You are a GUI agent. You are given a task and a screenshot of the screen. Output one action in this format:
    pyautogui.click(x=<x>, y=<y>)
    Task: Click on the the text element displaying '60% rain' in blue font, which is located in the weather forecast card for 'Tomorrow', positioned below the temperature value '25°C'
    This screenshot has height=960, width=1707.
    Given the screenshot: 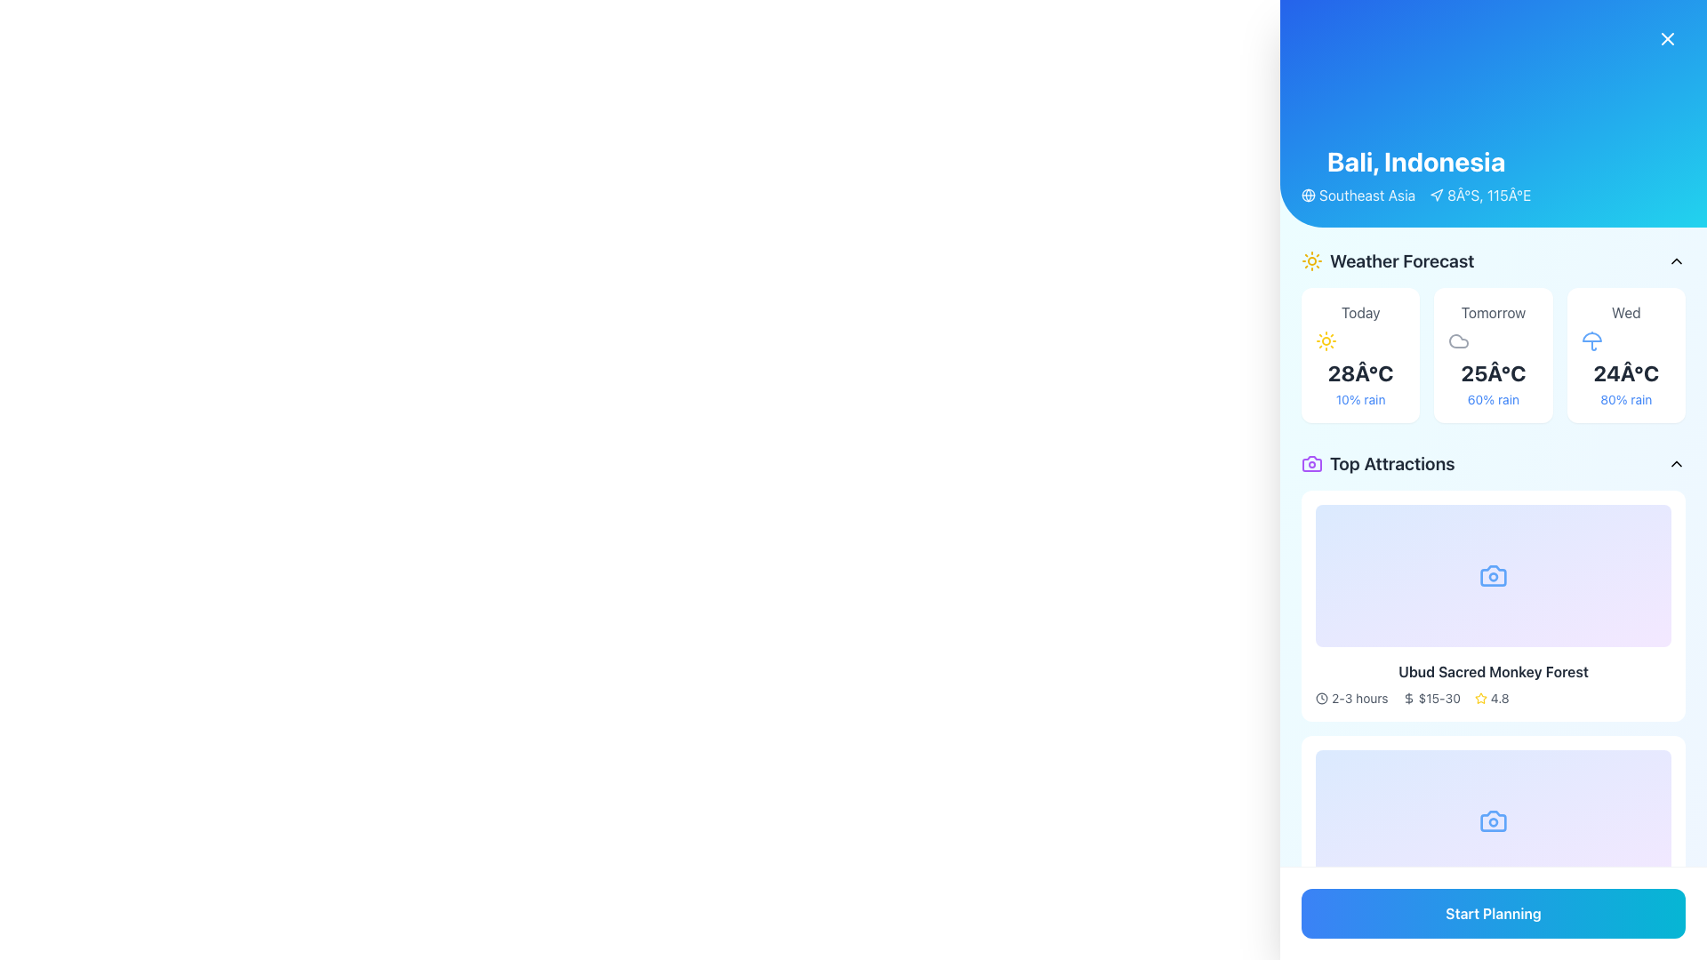 What is the action you would take?
    pyautogui.click(x=1494, y=400)
    